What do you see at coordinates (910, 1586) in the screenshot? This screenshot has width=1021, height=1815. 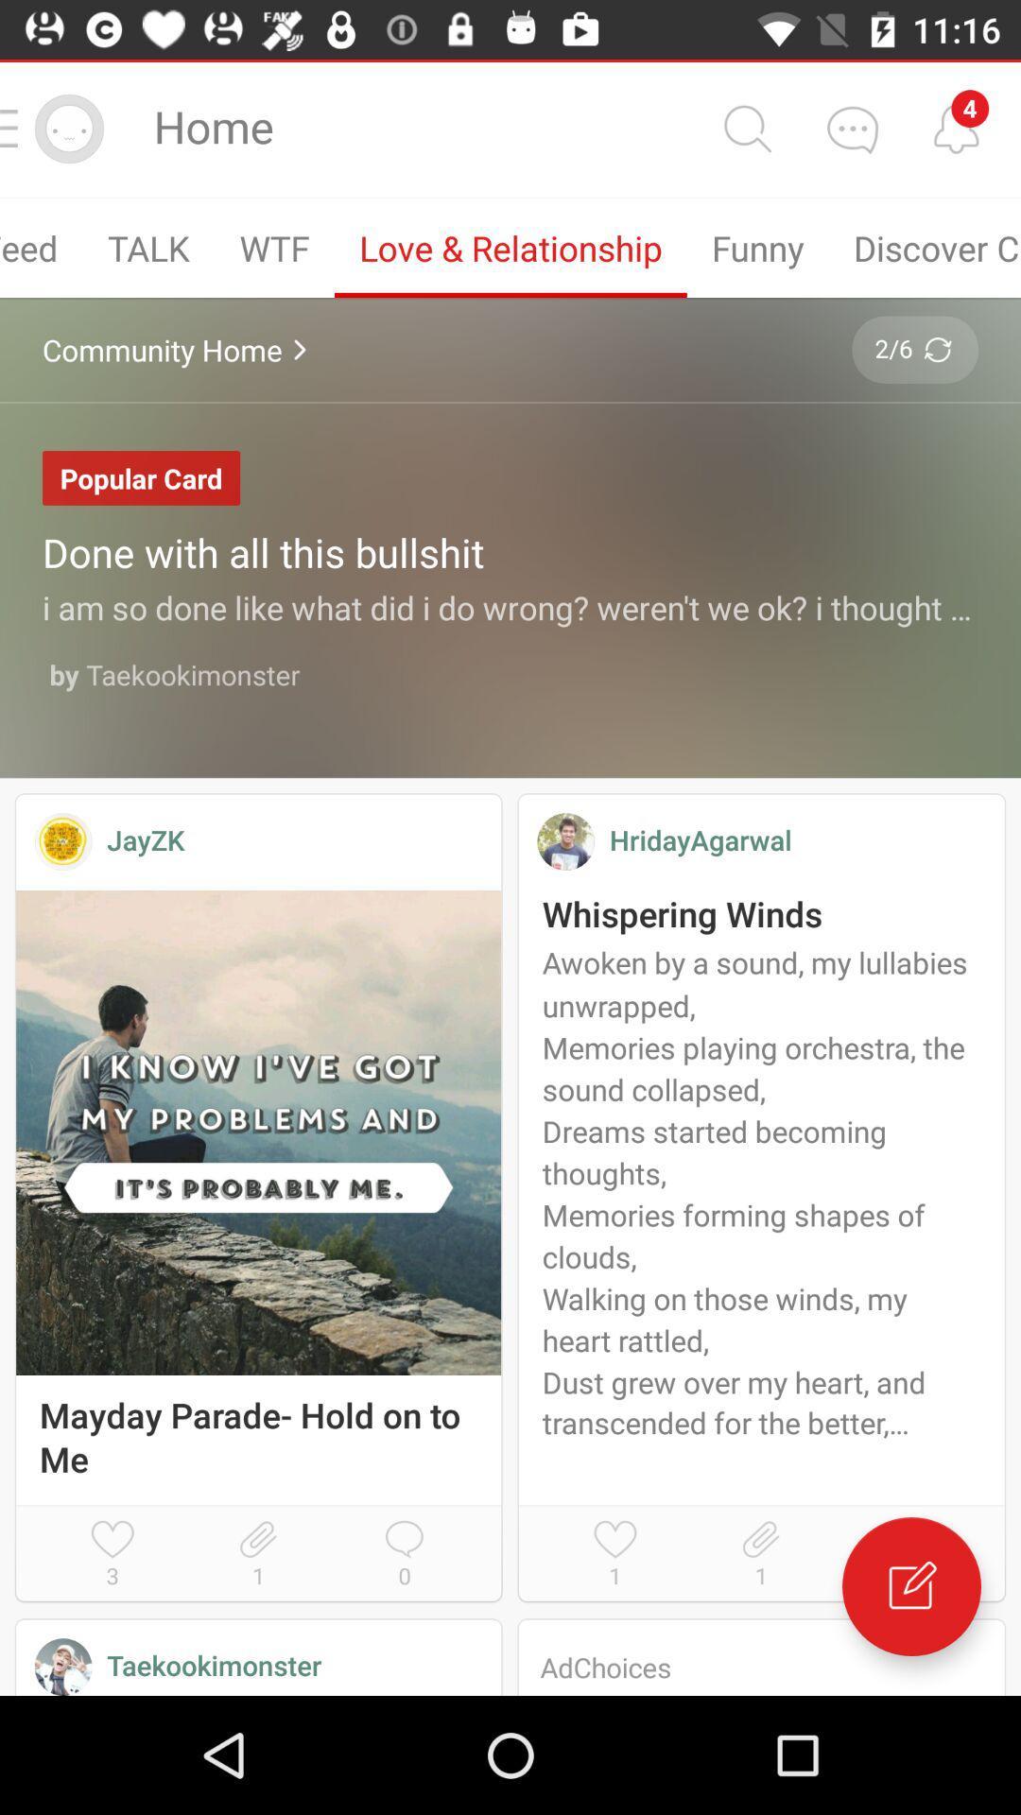 I see `write post` at bounding box center [910, 1586].